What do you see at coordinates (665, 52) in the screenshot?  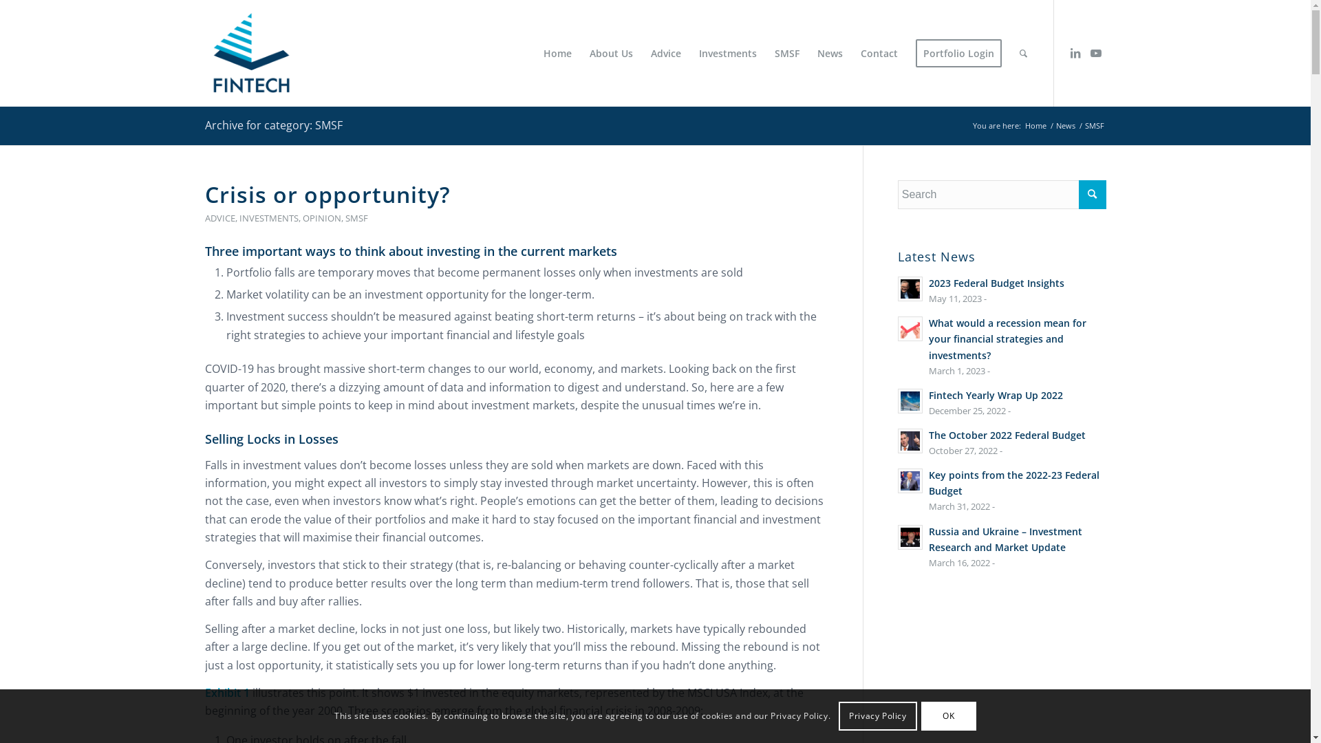 I see `'Advice'` at bounding box center [665, 52].